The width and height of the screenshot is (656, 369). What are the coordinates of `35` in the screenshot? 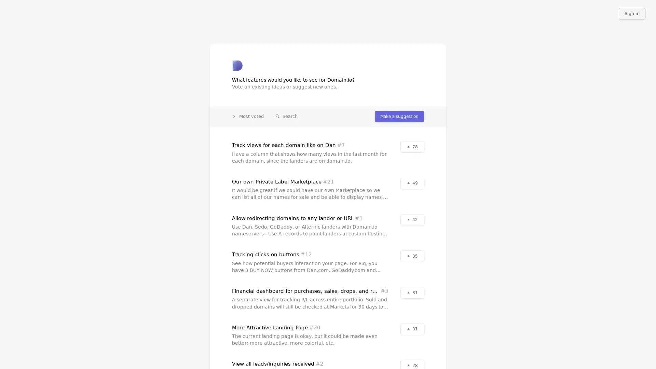 It's located at (412, 256).